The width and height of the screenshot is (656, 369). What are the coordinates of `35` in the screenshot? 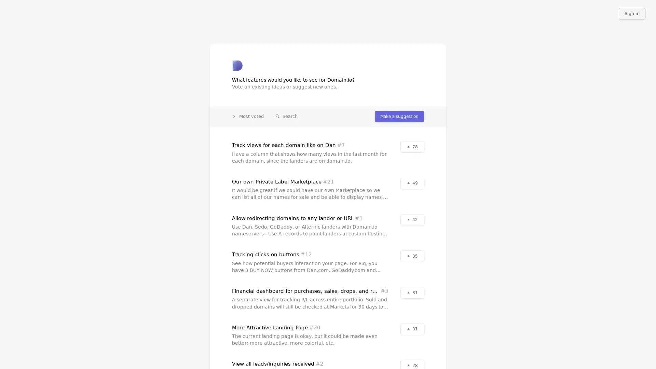 It's located at (412, 256).